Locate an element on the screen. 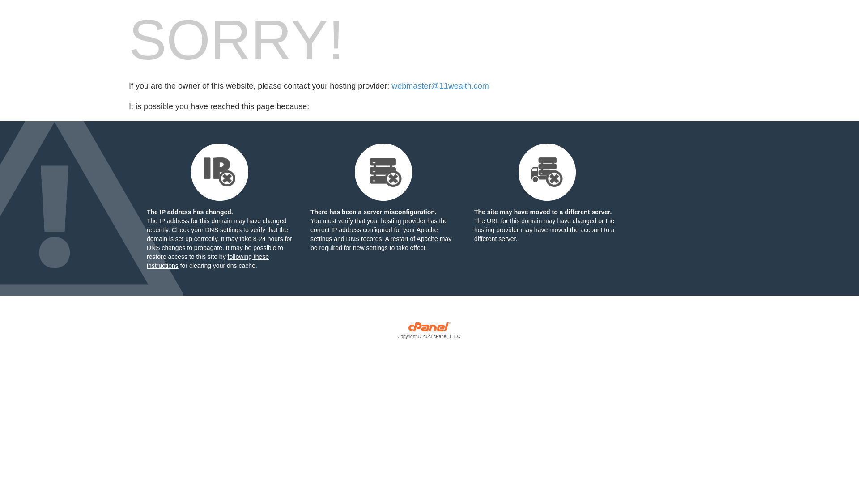 This screenshot has width=859, height=483. 'webmaster@11wealth.com' is located at coordinates (440, 86).